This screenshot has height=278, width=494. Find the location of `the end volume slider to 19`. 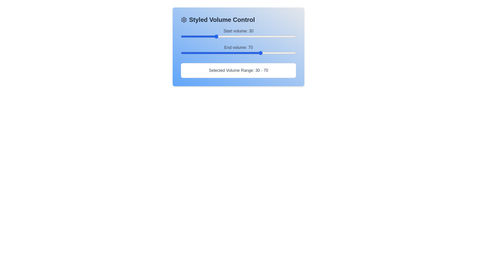

the end volume slider to 19 is located at coordinates (202, 53).